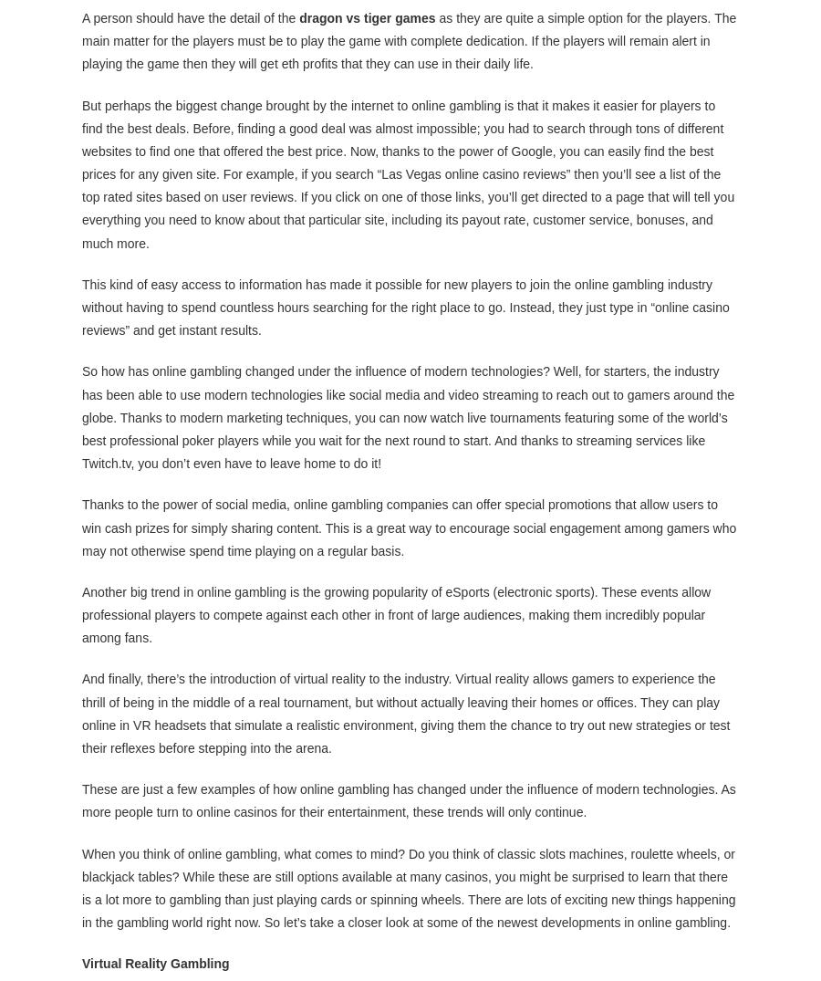  I want to click on 'But perhaps the biggest change brought by the internet to online gambling is that it makes it easier for players to find the best deals. Before, finding a good deal was almost impossible; you had to search through tons of different websites to find one that offered the best price. Now, thanks to the power of Google, you can easily find the best prices for any given site. For example, if you search “Las Vegas online casino reviews” then you’ll see a list of the top rated sites based on user reviews. If you click on one of those links, you’ll get directed to a page that will tell you everything you need to know about that particular site, including its payout rate, customer service, bonuses, and much more.', so click(408, 173).